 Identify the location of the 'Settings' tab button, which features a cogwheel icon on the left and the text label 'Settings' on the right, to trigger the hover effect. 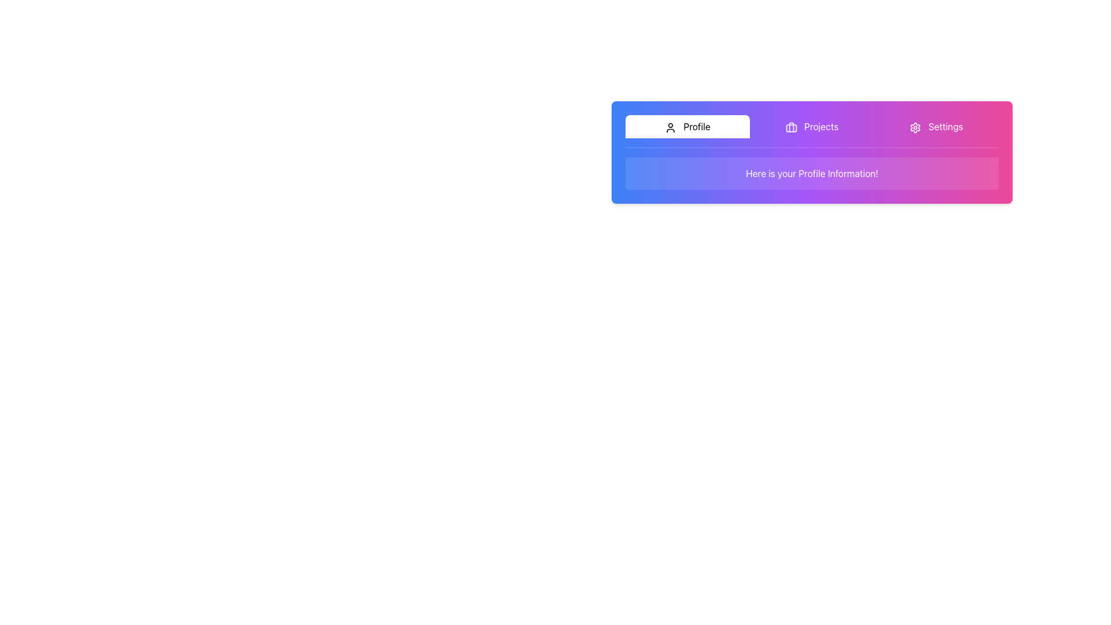
(936, 127).